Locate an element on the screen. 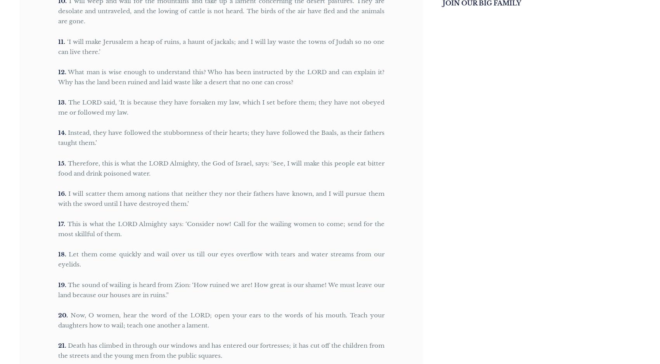 This screenshot has width=660, height=364. '18' is located at coordinates (61, 254).